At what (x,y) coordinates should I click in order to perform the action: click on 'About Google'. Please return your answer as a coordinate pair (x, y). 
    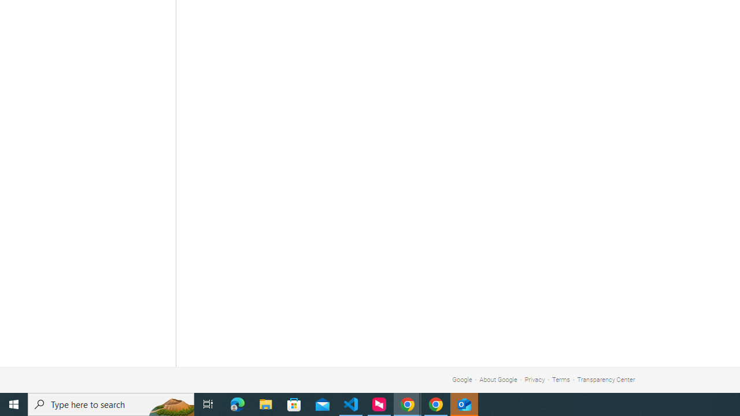
    Looking at the image, I should click on (498, 380).